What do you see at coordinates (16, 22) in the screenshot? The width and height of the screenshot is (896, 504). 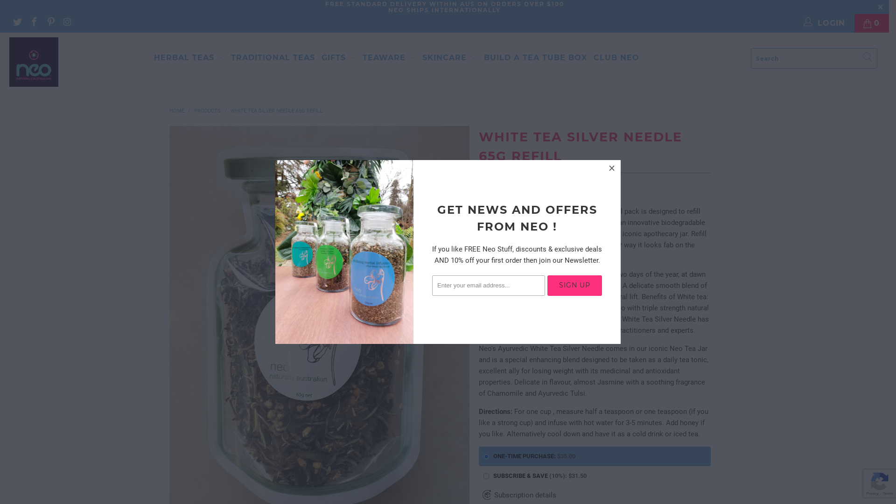 I see `'Neo Australia on Twitter'` at bounding box center [16, 22].